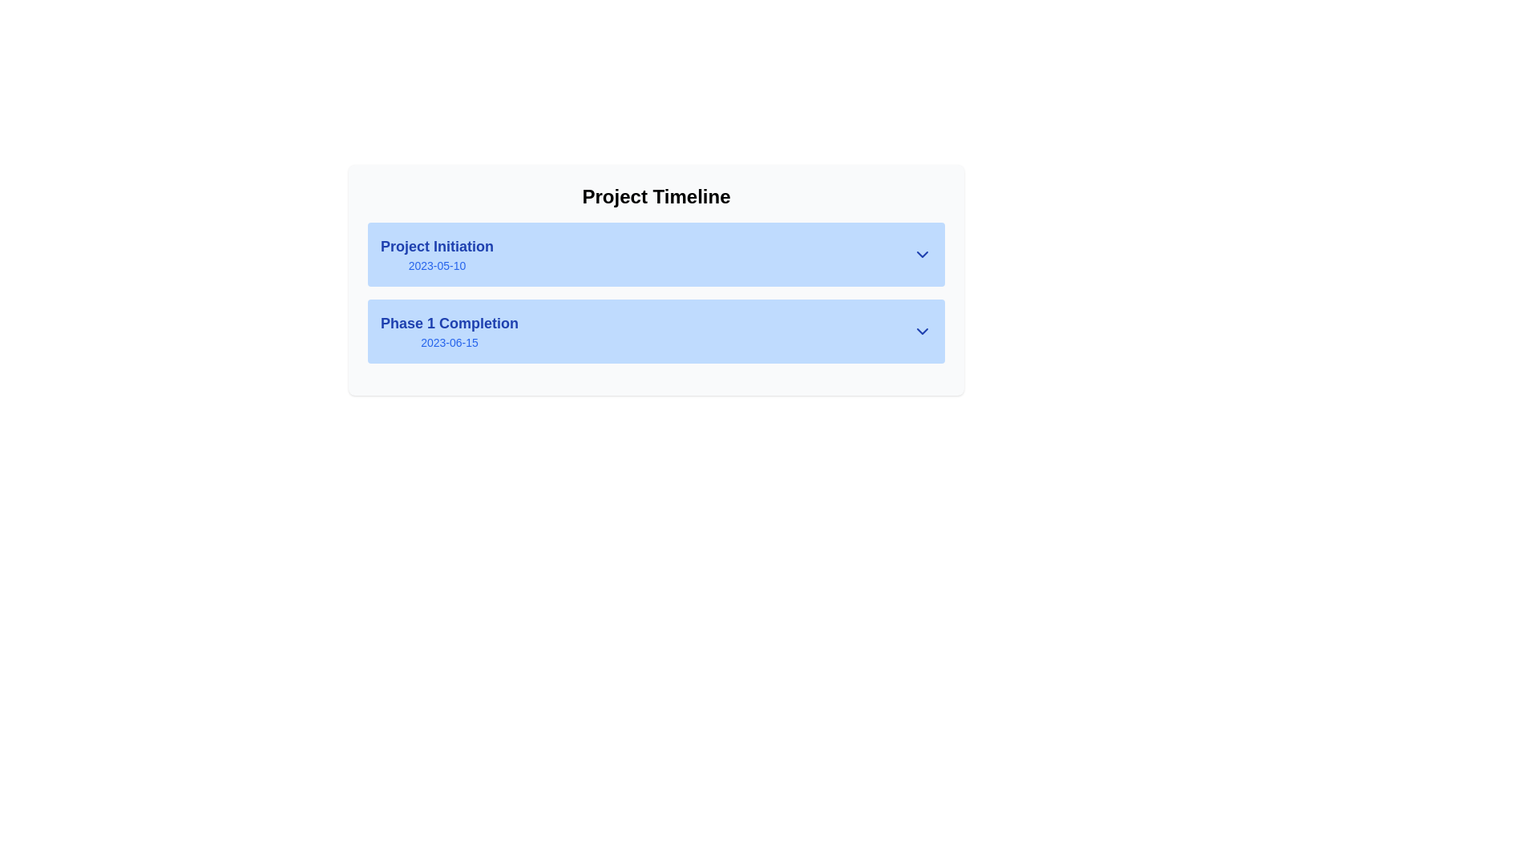  I want to click on the Text label that denotes the completion of Phase 1 in the Project Timeline, which is the second entry in a vertical list below 'Project Initiation', so click(449, 330).